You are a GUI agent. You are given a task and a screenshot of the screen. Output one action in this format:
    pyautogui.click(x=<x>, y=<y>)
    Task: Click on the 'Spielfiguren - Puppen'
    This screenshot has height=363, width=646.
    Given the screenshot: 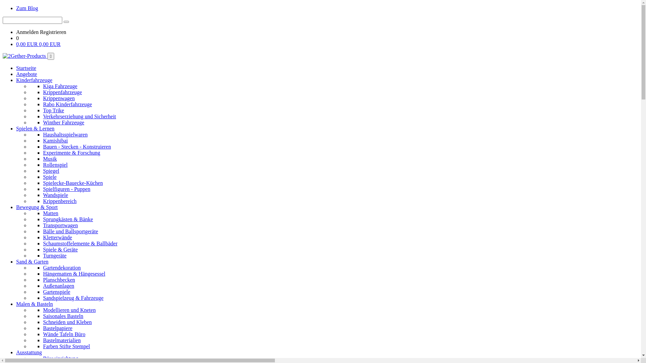 What is the action you would take?
    pyautogui.click(x=66, y=189)
    